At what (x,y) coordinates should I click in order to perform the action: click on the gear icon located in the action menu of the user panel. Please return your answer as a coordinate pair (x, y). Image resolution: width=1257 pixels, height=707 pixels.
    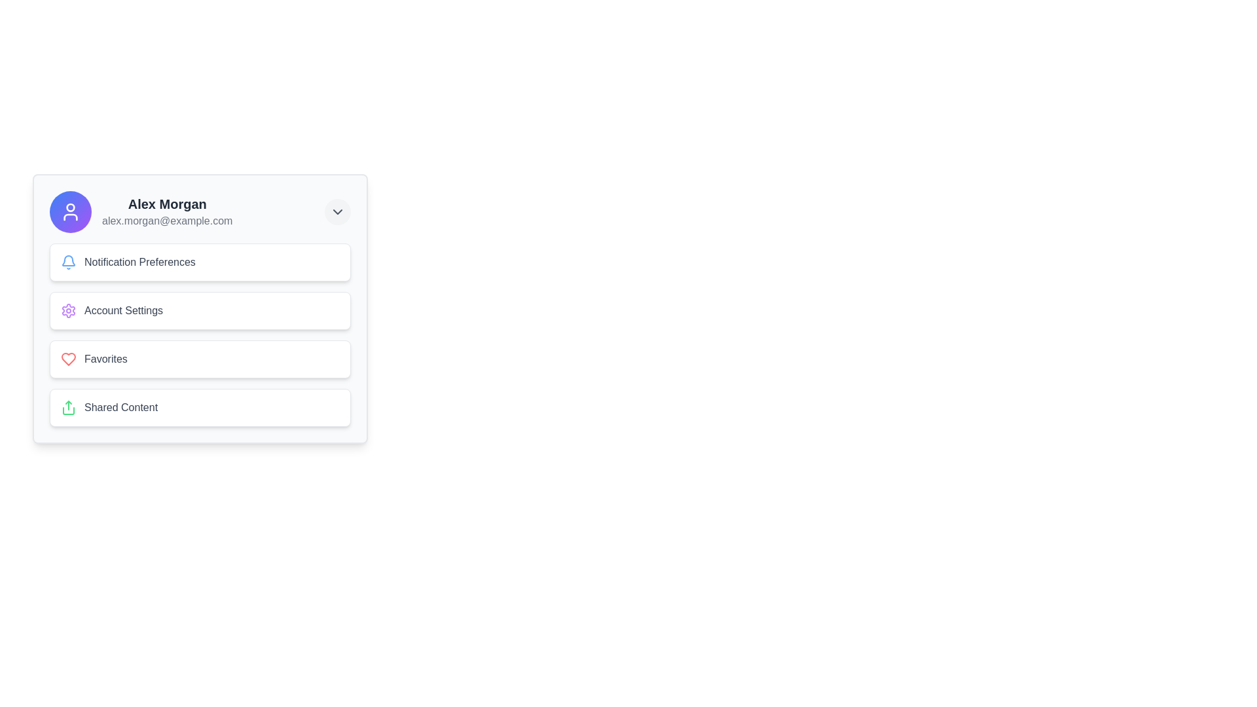
    Looking at the image, I should click on (68, 310).